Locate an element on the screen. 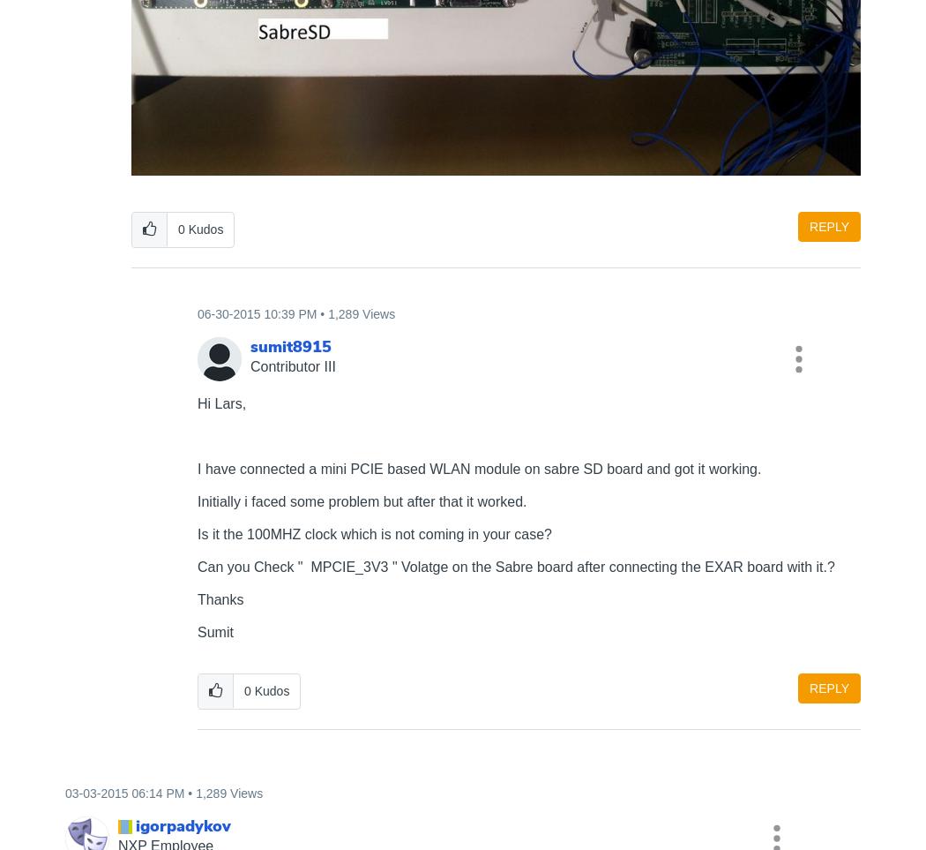 The width and height of the screenshot is (926, 850). 'Thanks' is located at coordinates (196, 598).